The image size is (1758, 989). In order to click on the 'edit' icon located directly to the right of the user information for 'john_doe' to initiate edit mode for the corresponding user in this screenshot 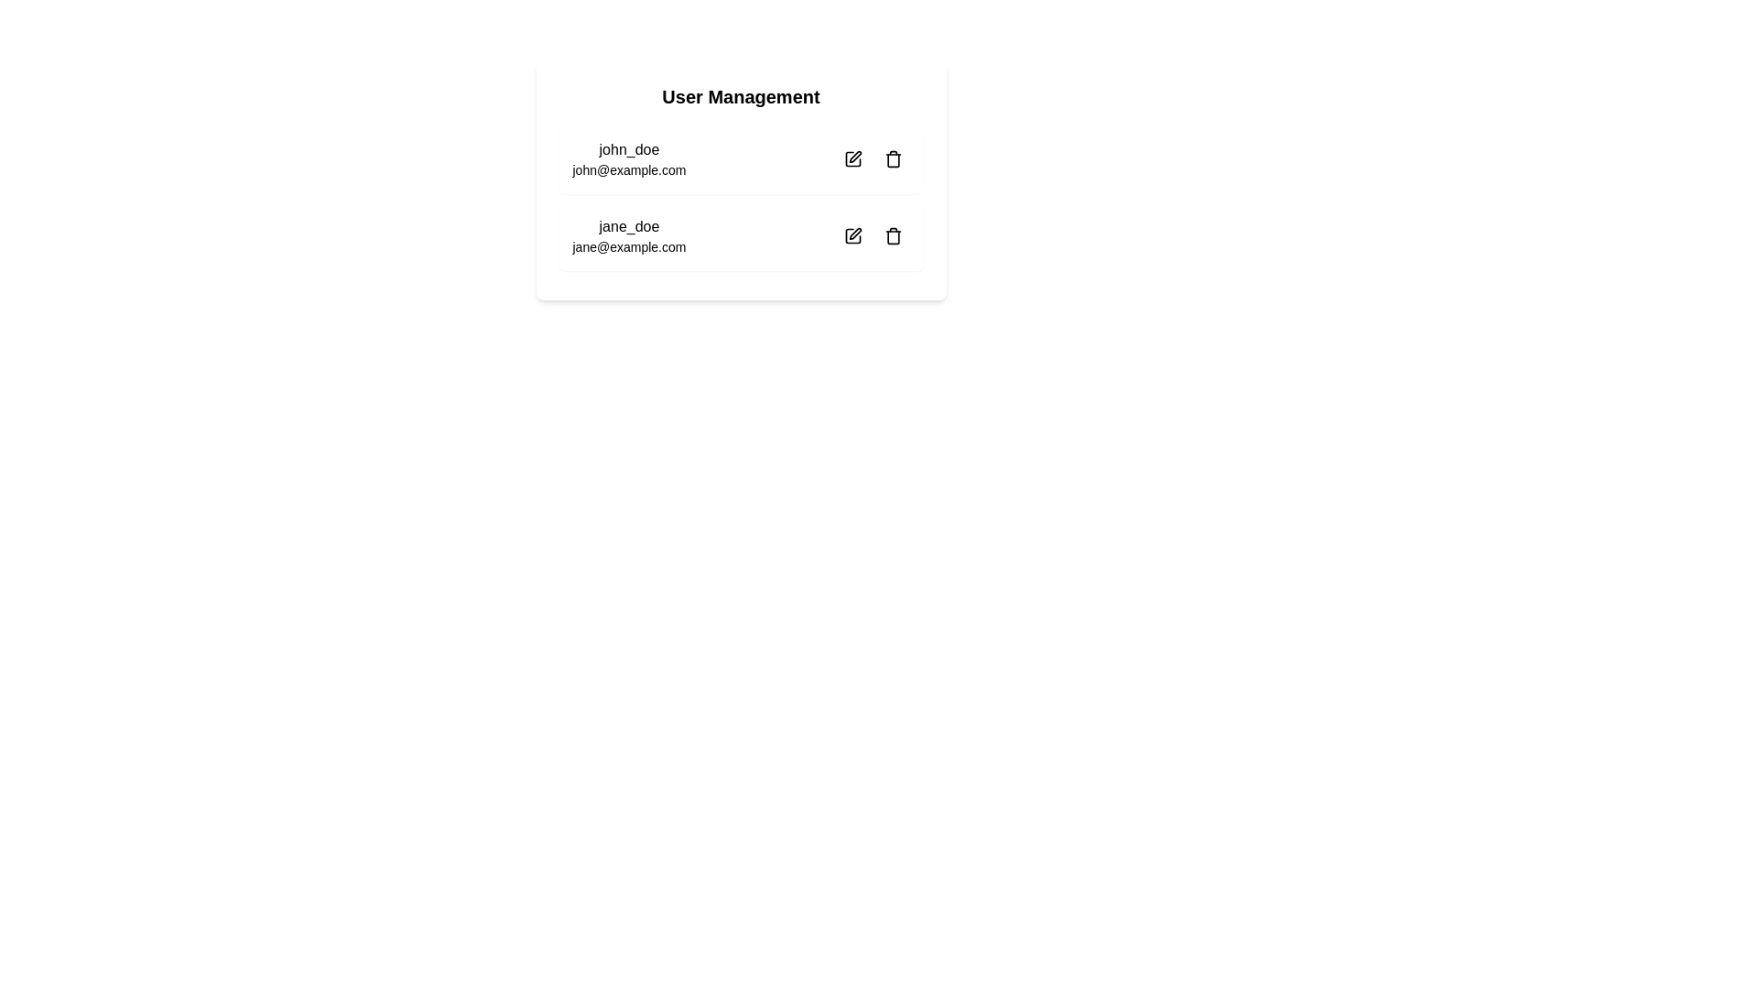, I will do `click(852, 158)`.